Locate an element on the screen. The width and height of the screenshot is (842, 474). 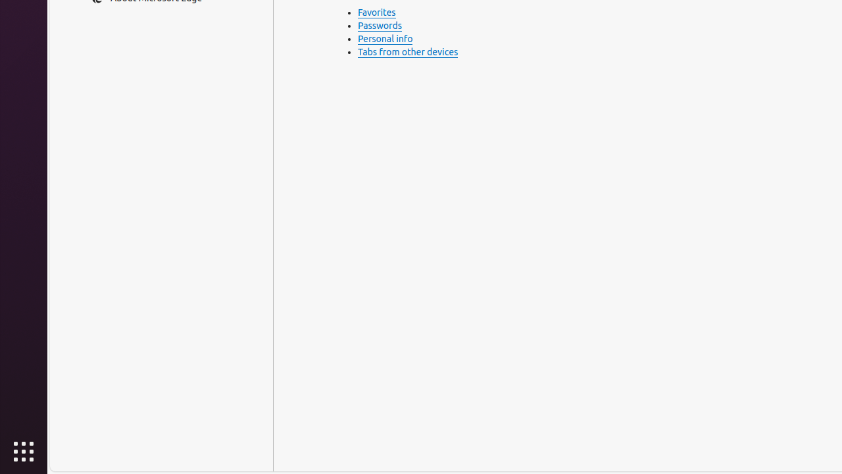
'Show Applications' is located at coordinates (23, 451).